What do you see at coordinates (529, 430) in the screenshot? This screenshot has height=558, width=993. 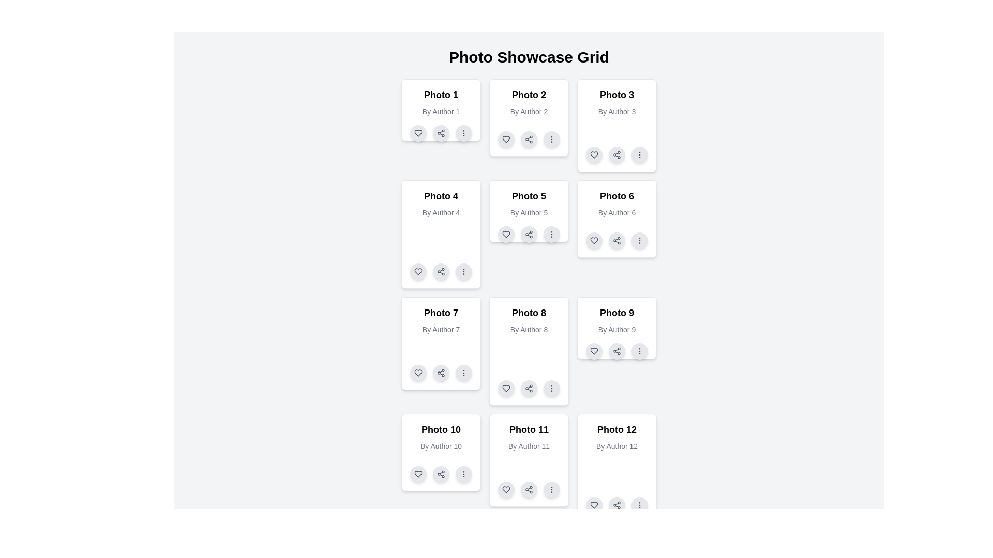 I see `the Text label that displays the title or label of the item in the card located in the fourth row and second column of the grid layout` at bounding box center [529, 430].